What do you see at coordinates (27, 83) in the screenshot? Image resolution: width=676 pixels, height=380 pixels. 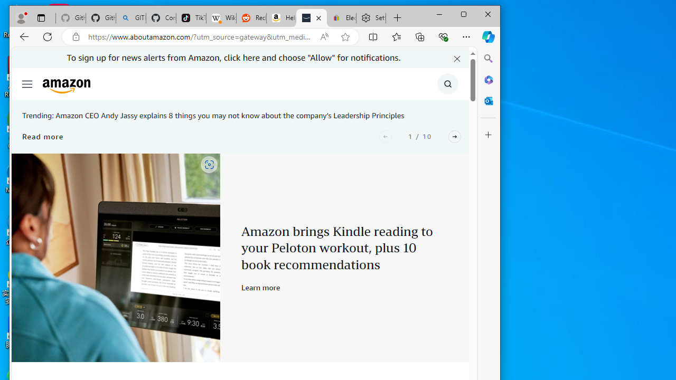 I see `'Menu'` at bounding box center [27, 83].